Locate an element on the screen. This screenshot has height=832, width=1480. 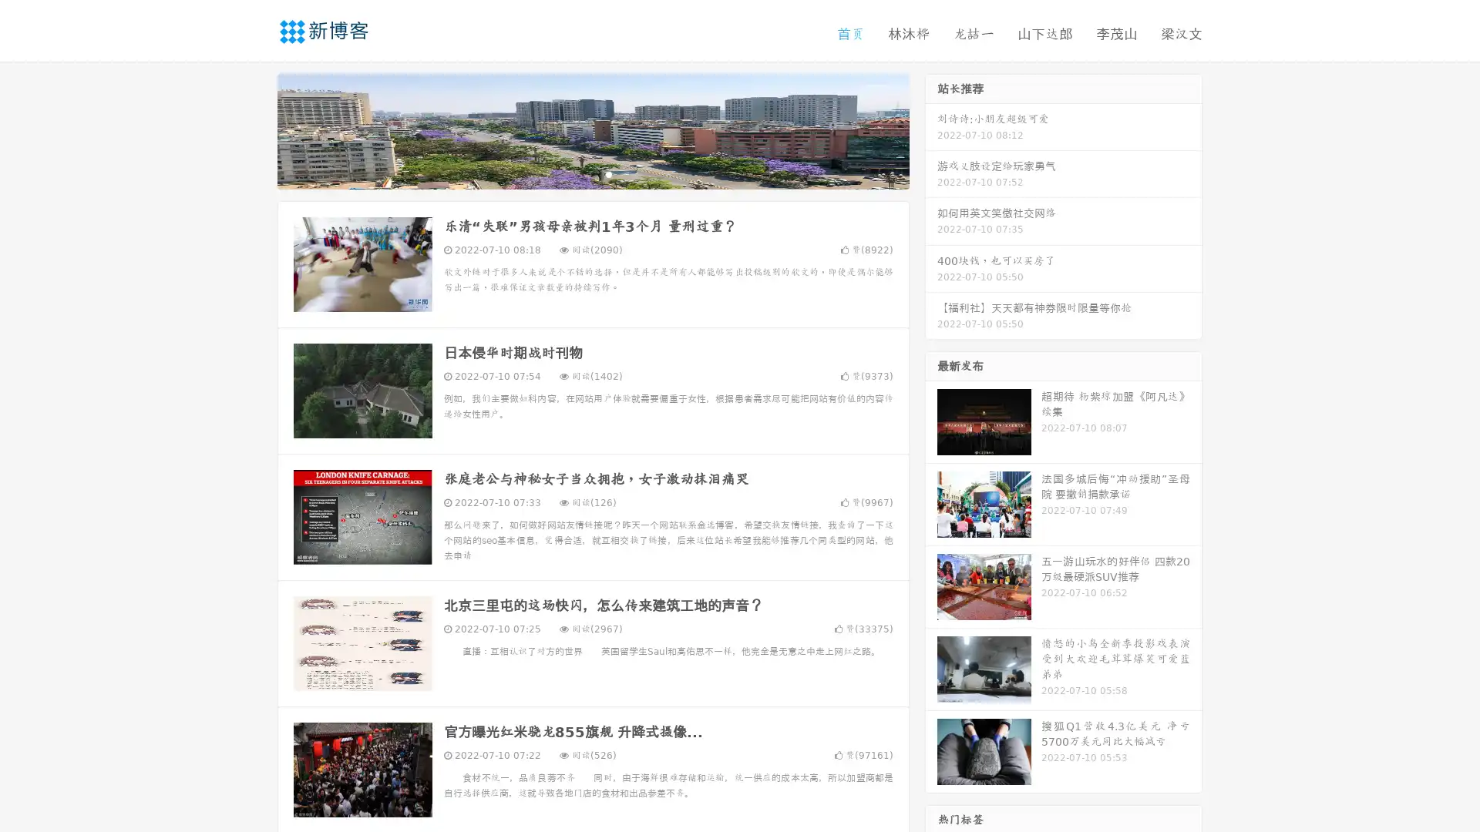
Go to slide 2 is located at coordinates (592, 173).